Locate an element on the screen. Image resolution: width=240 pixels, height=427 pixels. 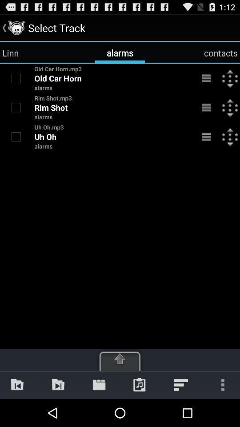
alarm is located at coordinates (16, 107).